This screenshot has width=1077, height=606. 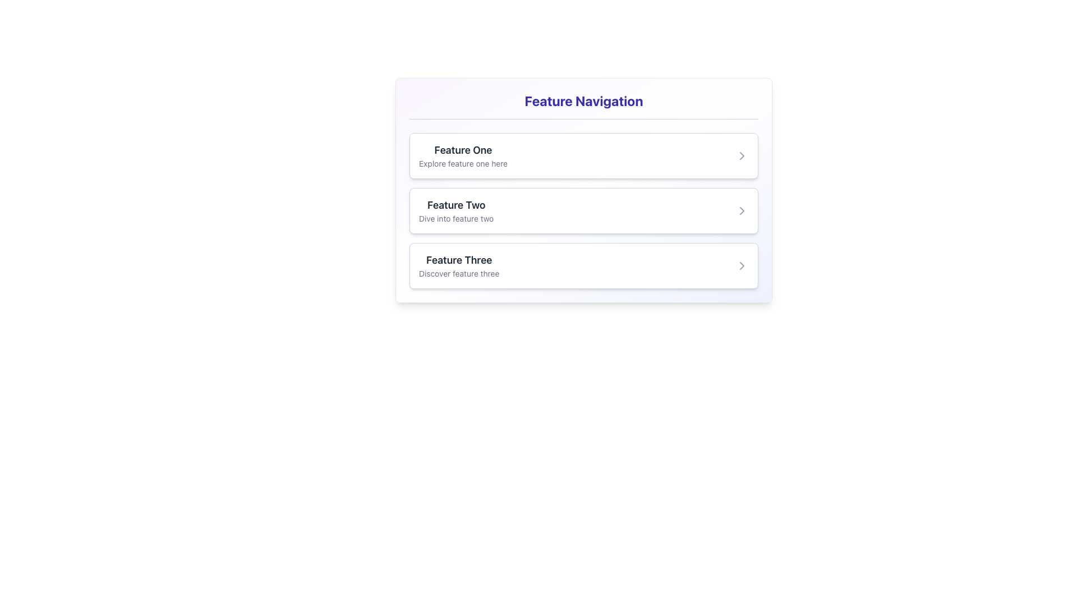 What do you see at coordinates (583, 266) in the screenshot?
I see `the 'Feature Three' button, which is a rectangular panel with a white background and rounded corners, located beneath 'Feature One' and 'Feature Two' in the 'Feature Navigation' section` at bounding box center [583, 266].